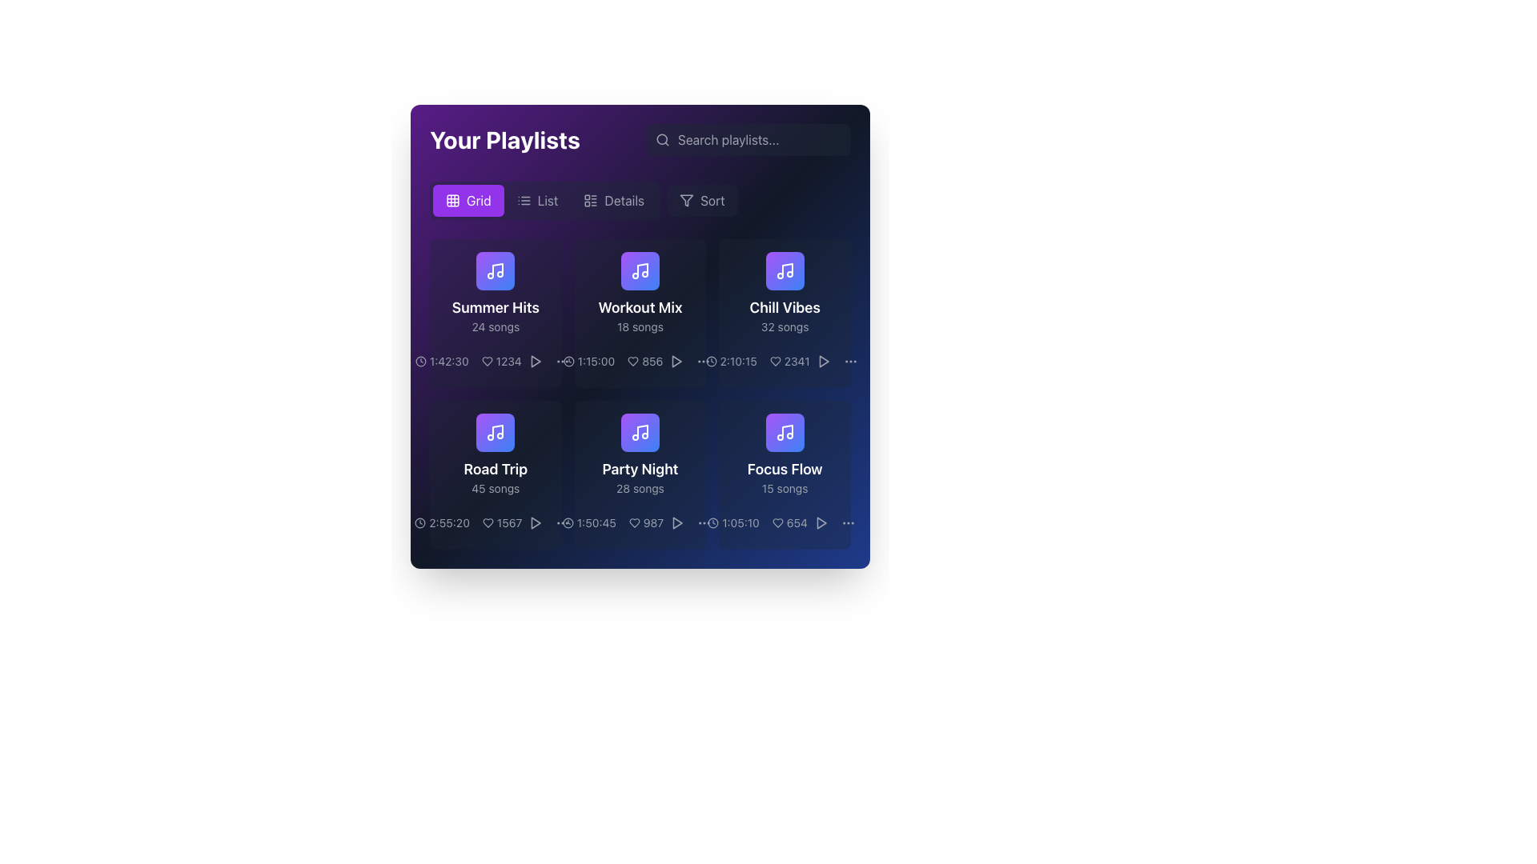 The width and height of the screenshot is (1537, 864). Describe the element at coordinates (777, 523) in the screenshot. I see `the heart-shaped icon indicating popularity for the 'Focus Flow' playlist, located at the bottom-center of the card near the count '654'` at that location.